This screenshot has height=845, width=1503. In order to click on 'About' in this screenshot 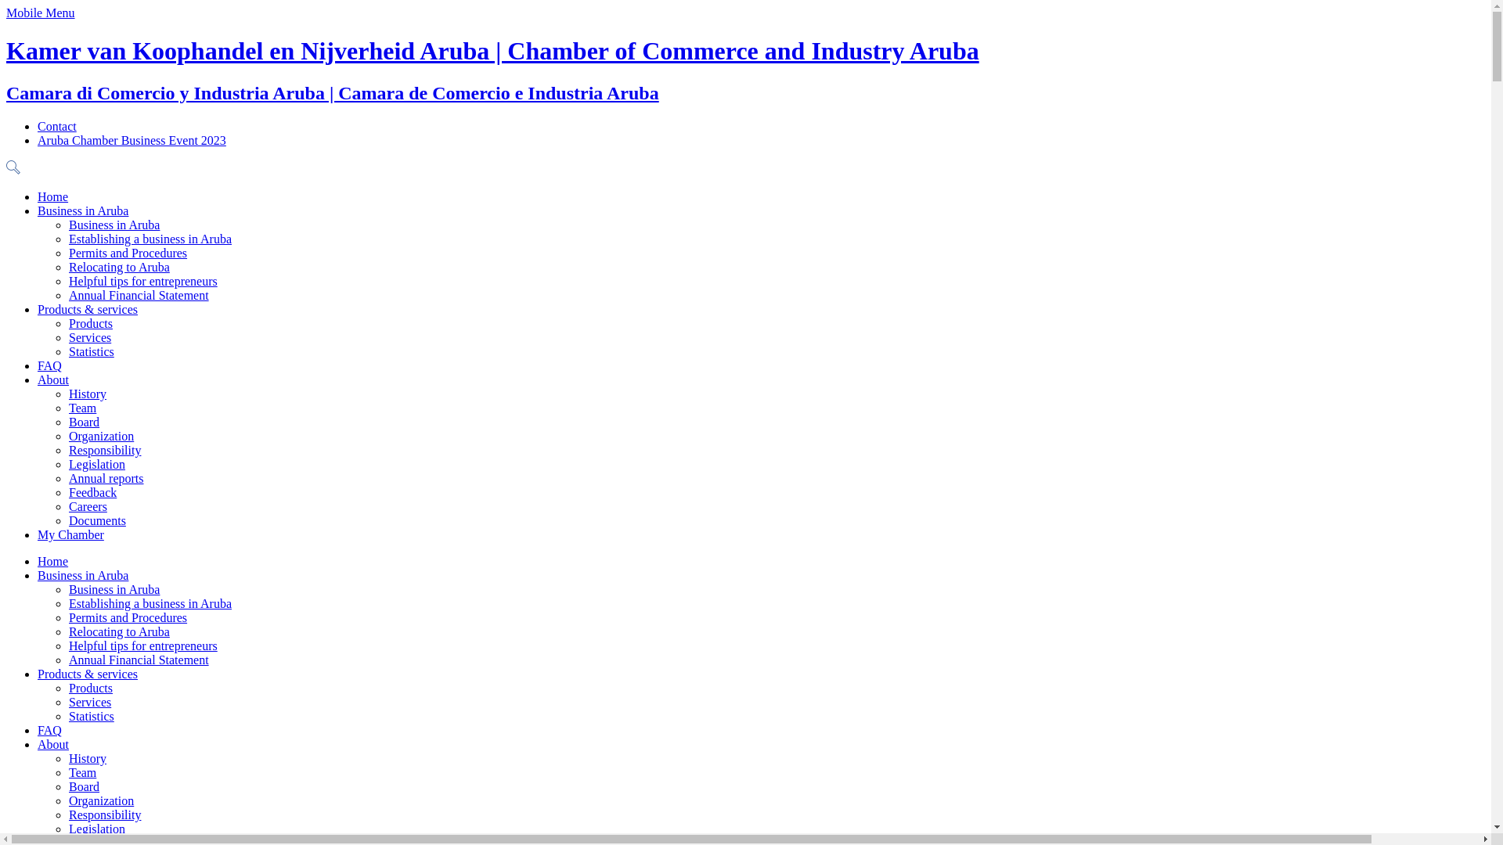, I will do `click(38, 743)`.